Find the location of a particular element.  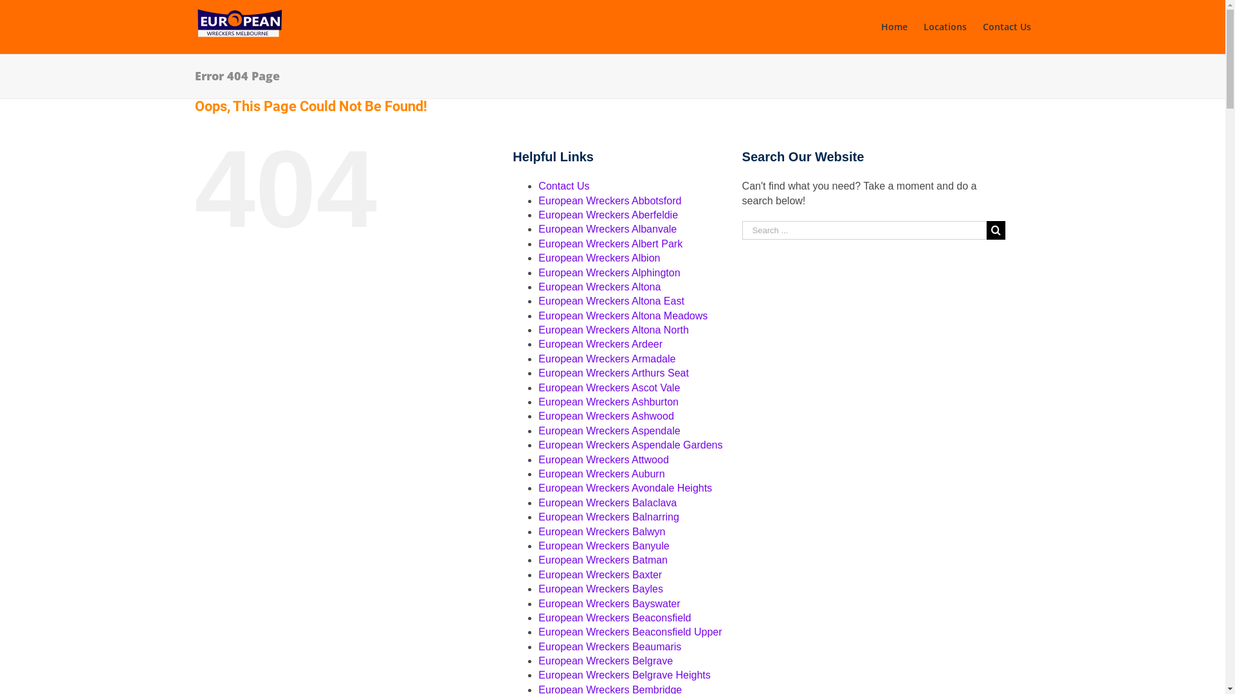

'European Wreckers Altona Meadows' is located at coordinates (538, 316).